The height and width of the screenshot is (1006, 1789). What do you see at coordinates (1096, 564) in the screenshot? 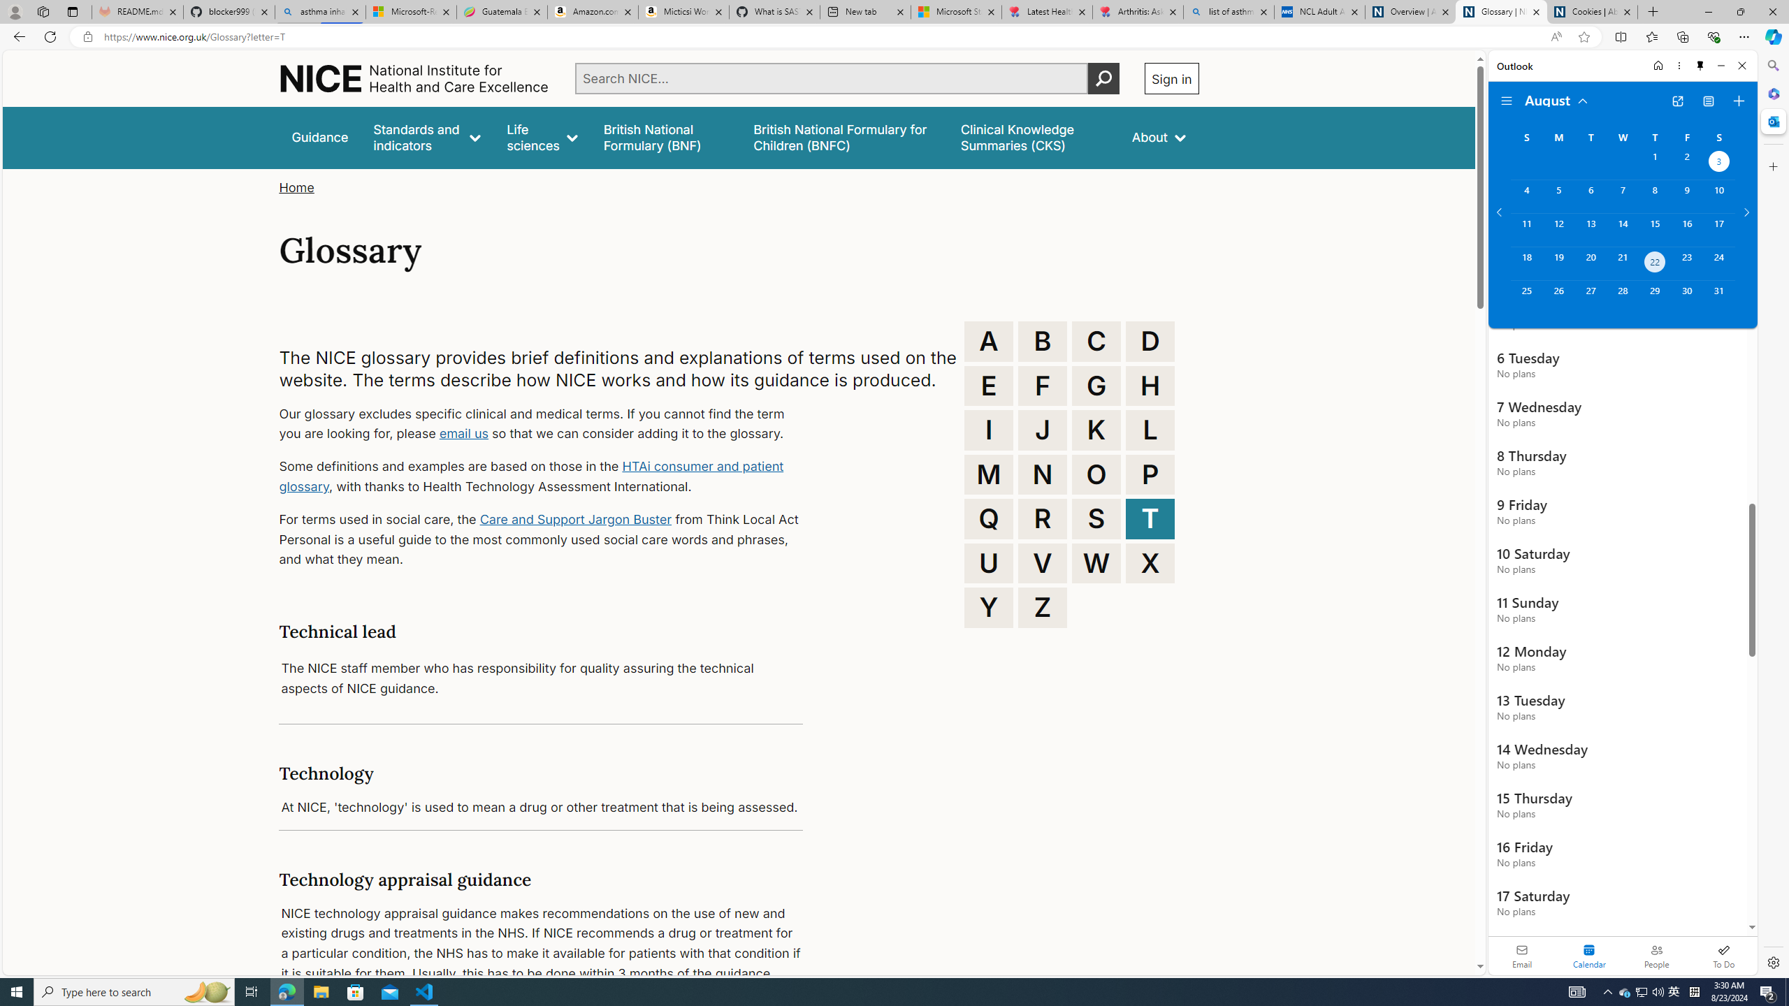
I see `'W'` at bounding box center [1096, 564].